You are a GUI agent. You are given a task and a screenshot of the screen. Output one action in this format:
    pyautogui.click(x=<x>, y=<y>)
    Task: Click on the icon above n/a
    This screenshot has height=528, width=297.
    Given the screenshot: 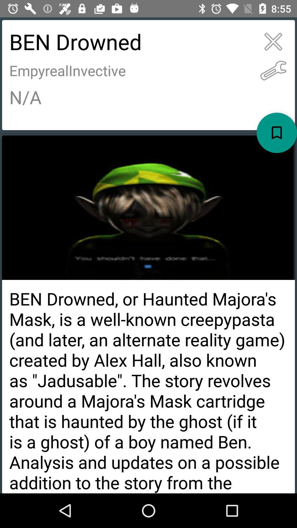 What is the action you would take?
    pyautogui.click(x=273, y=70)
    